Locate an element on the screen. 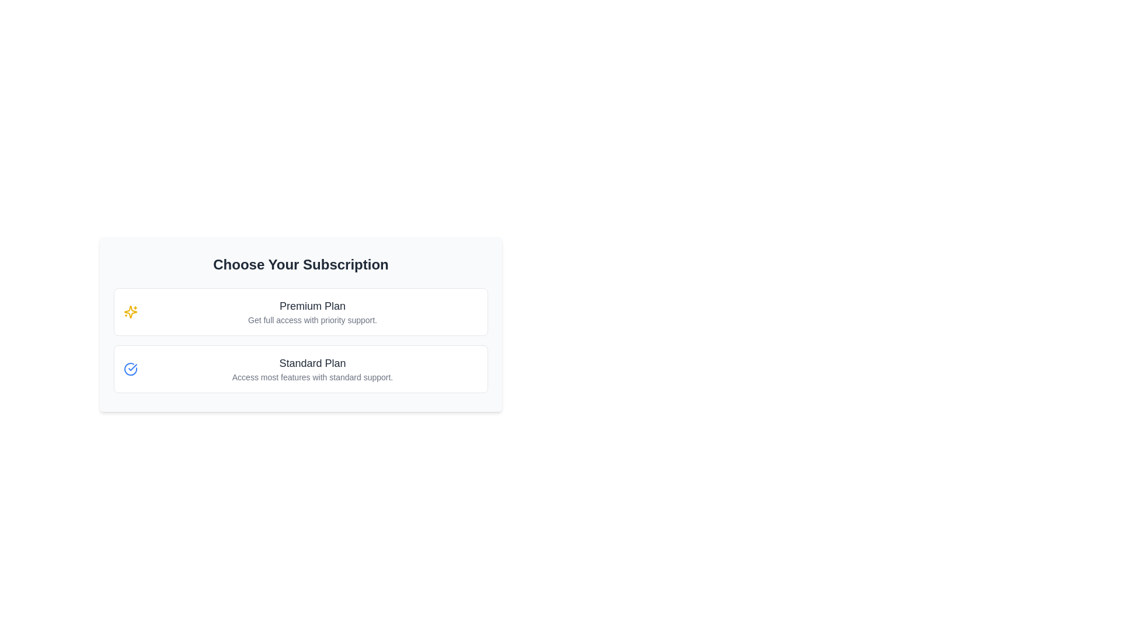  the circular blue checkmark icon located to the left of the 'Standard Plan' text is located at coordinates (131, 369).